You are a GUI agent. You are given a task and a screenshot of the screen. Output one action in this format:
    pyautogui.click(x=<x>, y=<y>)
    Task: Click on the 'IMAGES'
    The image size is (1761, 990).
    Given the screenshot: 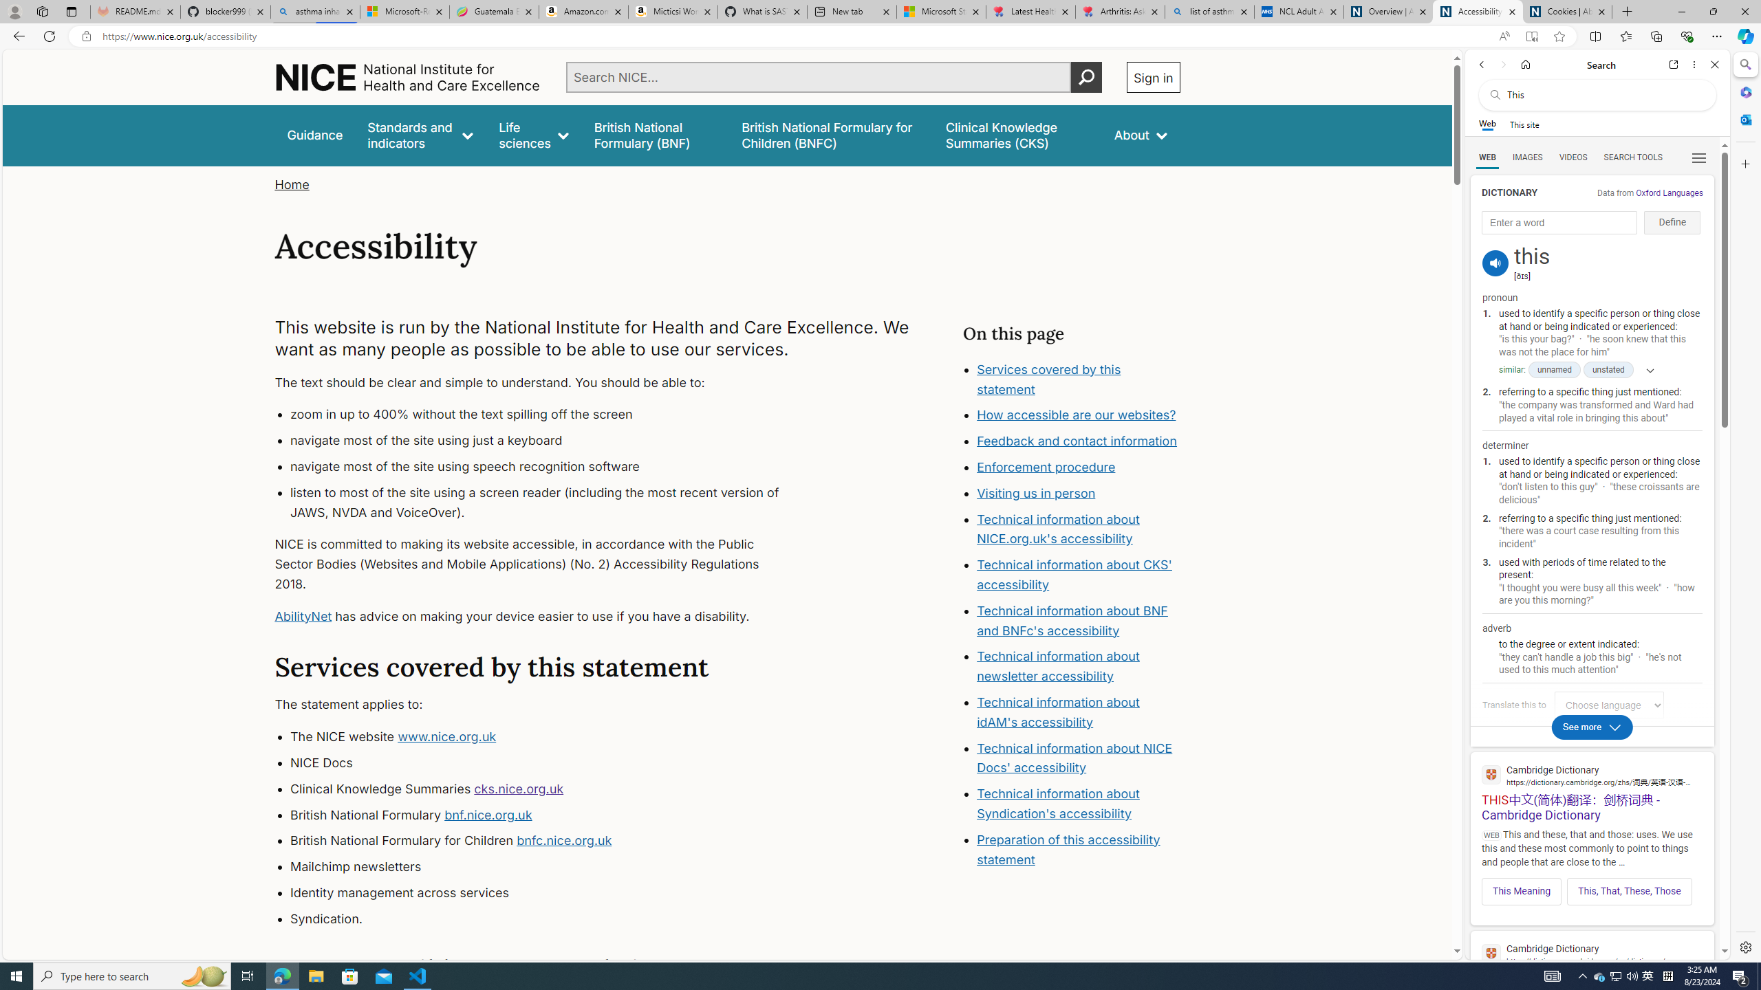 What is the action you would take?
    pyautogui.click(x=1526, y=157)
    